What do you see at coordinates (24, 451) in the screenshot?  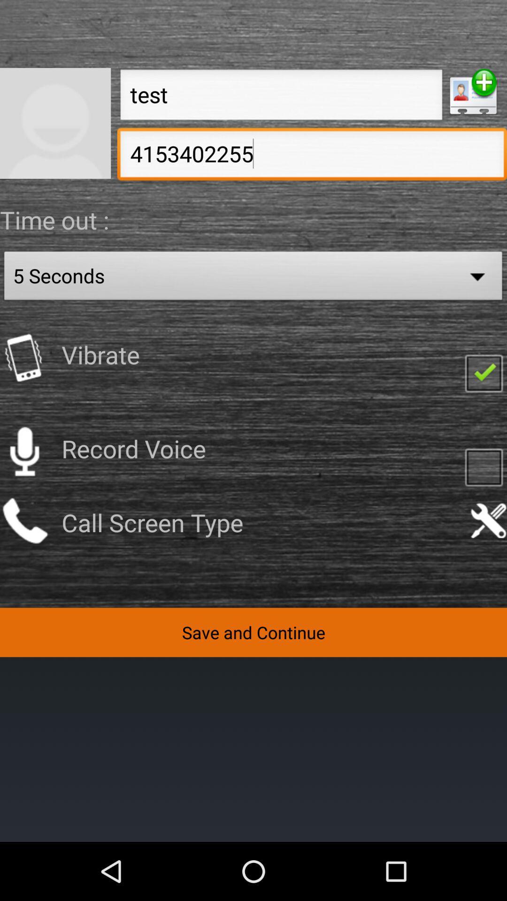 I see `choose the speaker` at bounding box center [24, 451].